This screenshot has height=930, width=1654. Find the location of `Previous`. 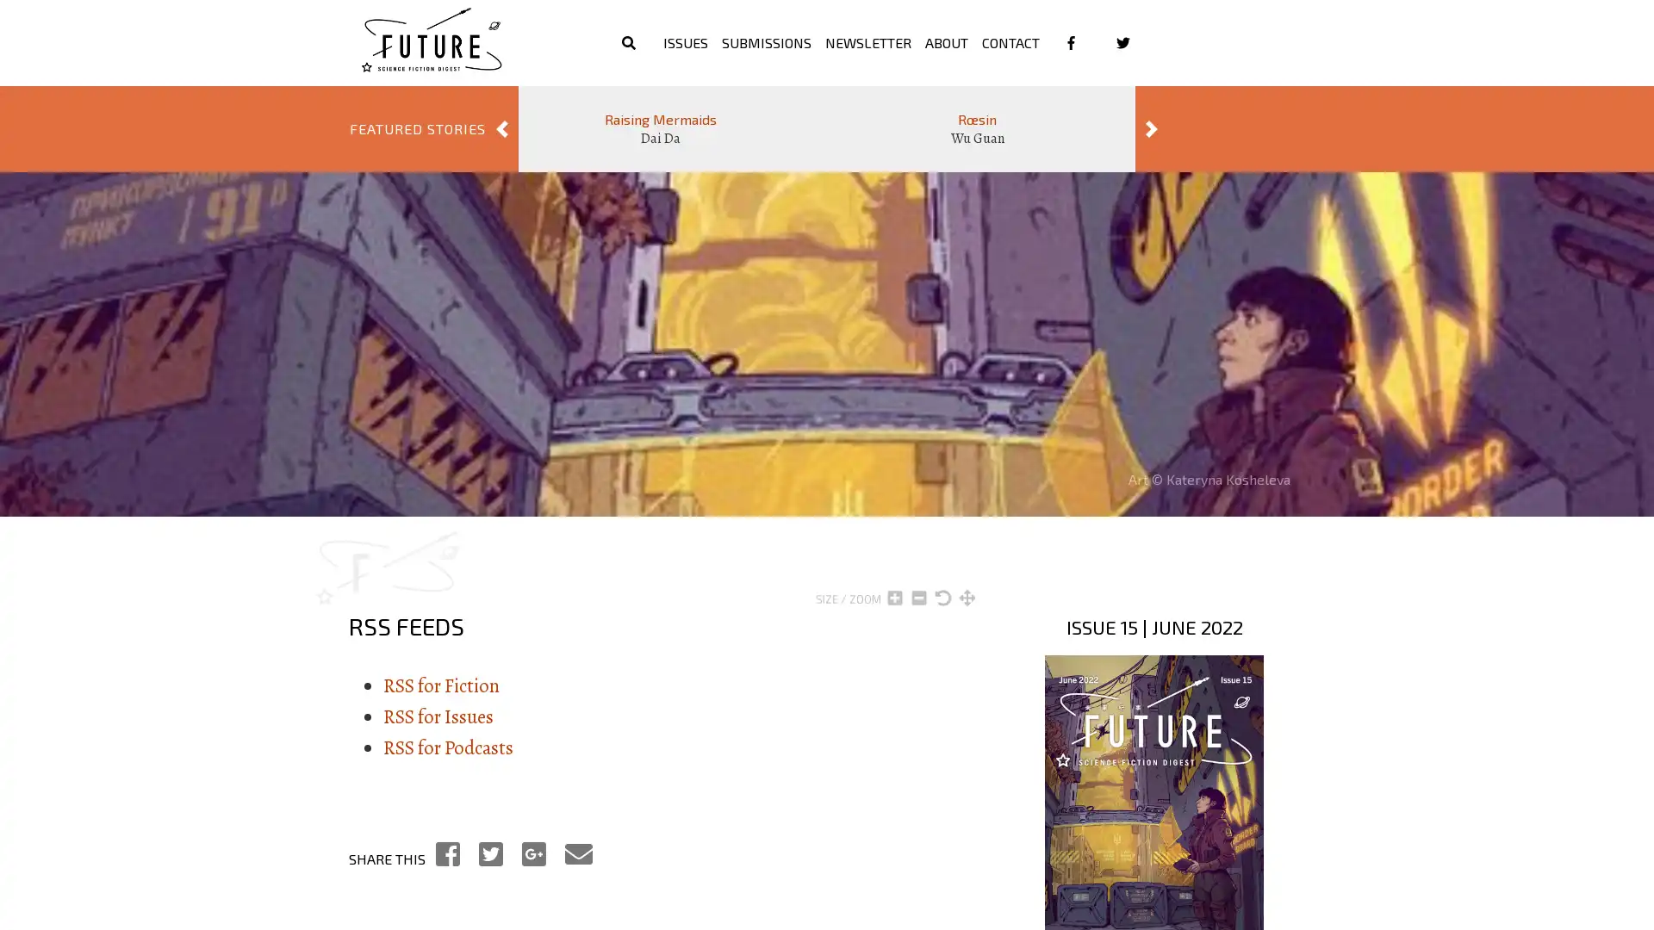

Previous is located at coordinates (501, 128).